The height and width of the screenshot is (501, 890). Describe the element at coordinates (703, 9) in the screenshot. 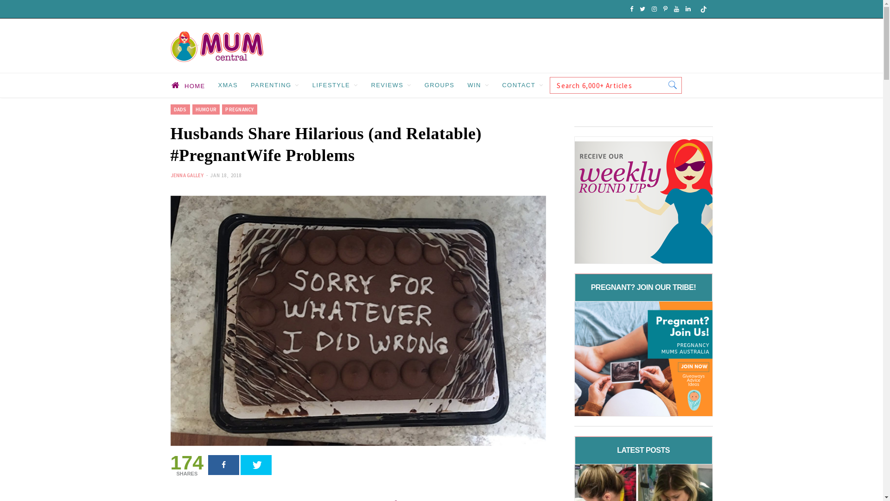

I see `'SoundCloud'` at that location.